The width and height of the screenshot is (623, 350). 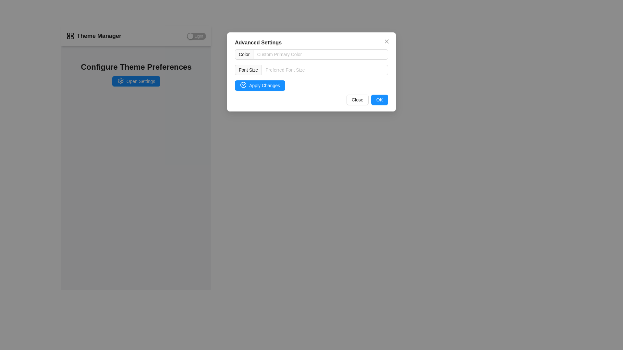 What do you see at coordinates (140, 81) in the screenshot?
I see `the button labeled 'Open Settings' which is styled with white text on a blue background, located to the right of a gear icon` at bounding box center [140, 81].